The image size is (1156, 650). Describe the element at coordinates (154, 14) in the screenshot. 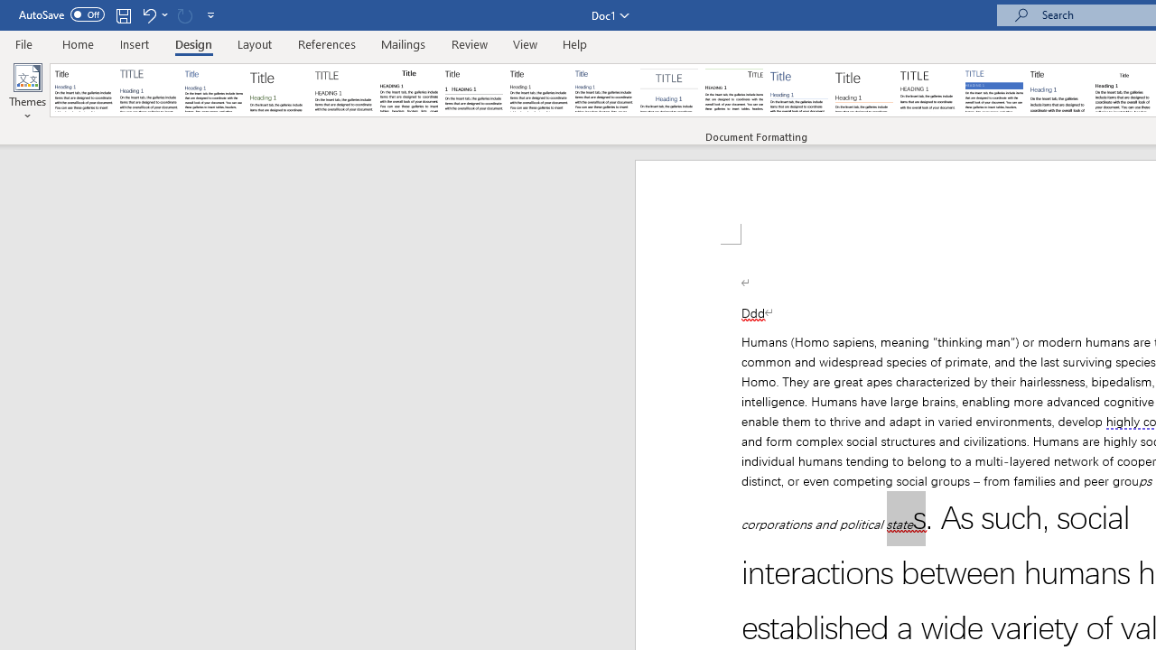

I see `'Undo Apply Quick Style Set'` at that location.